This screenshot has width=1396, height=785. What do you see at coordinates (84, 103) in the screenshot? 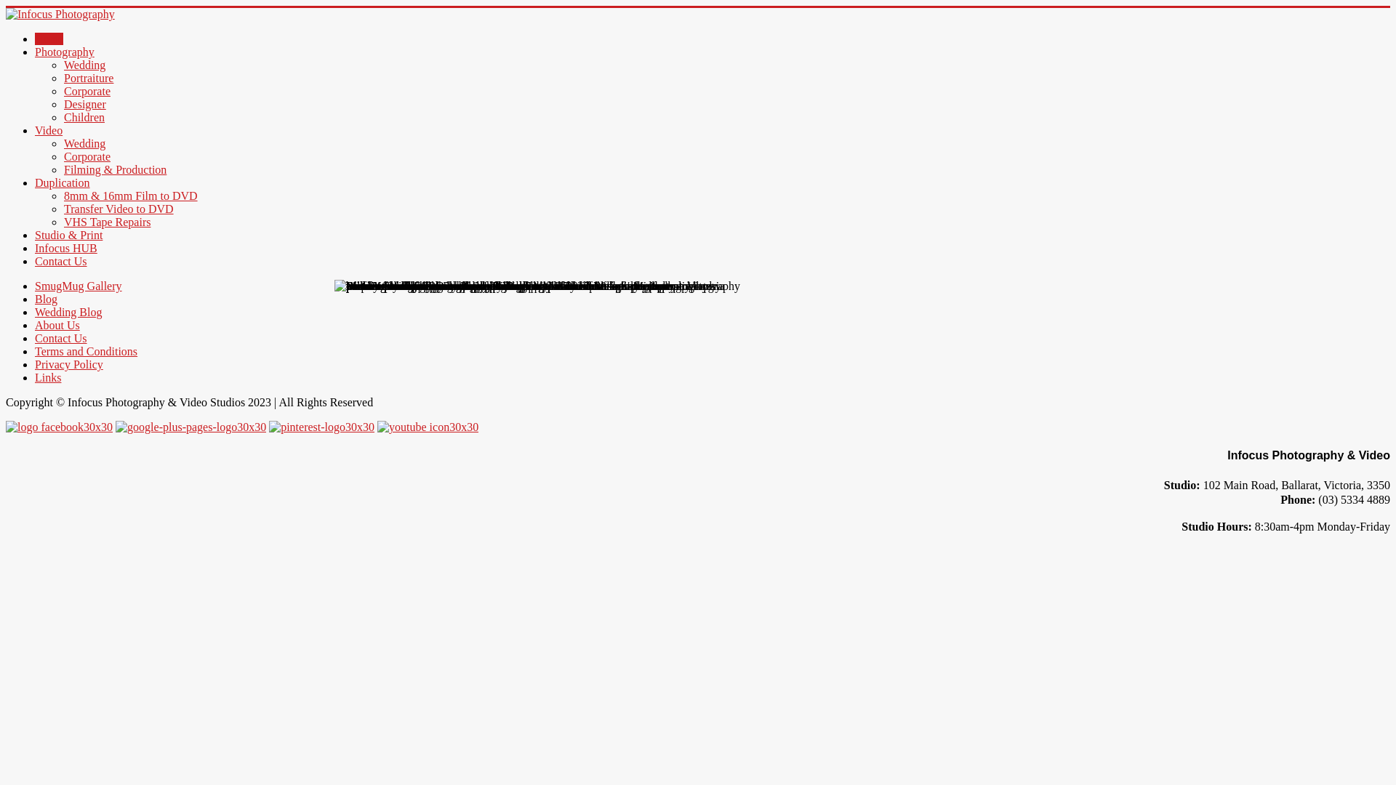
I see `'Designer'` at bounding box center [84, 103].